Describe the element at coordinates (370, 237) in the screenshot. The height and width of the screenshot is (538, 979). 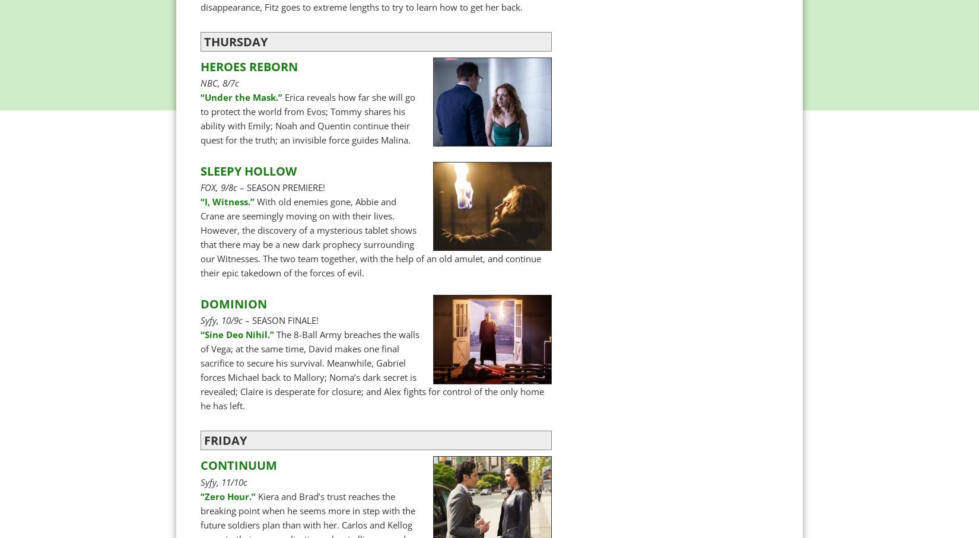
I see `'With old enemies gone, Abbie and Crane are seemingly moving on with their lives. However, the discovery of a mysterious tablet shows that there may be a new dark prophecy surrounding our Witnesses. The two team together, with the help of an old amulet, and continue their epic takedown of the forces of evil.'` at that location.